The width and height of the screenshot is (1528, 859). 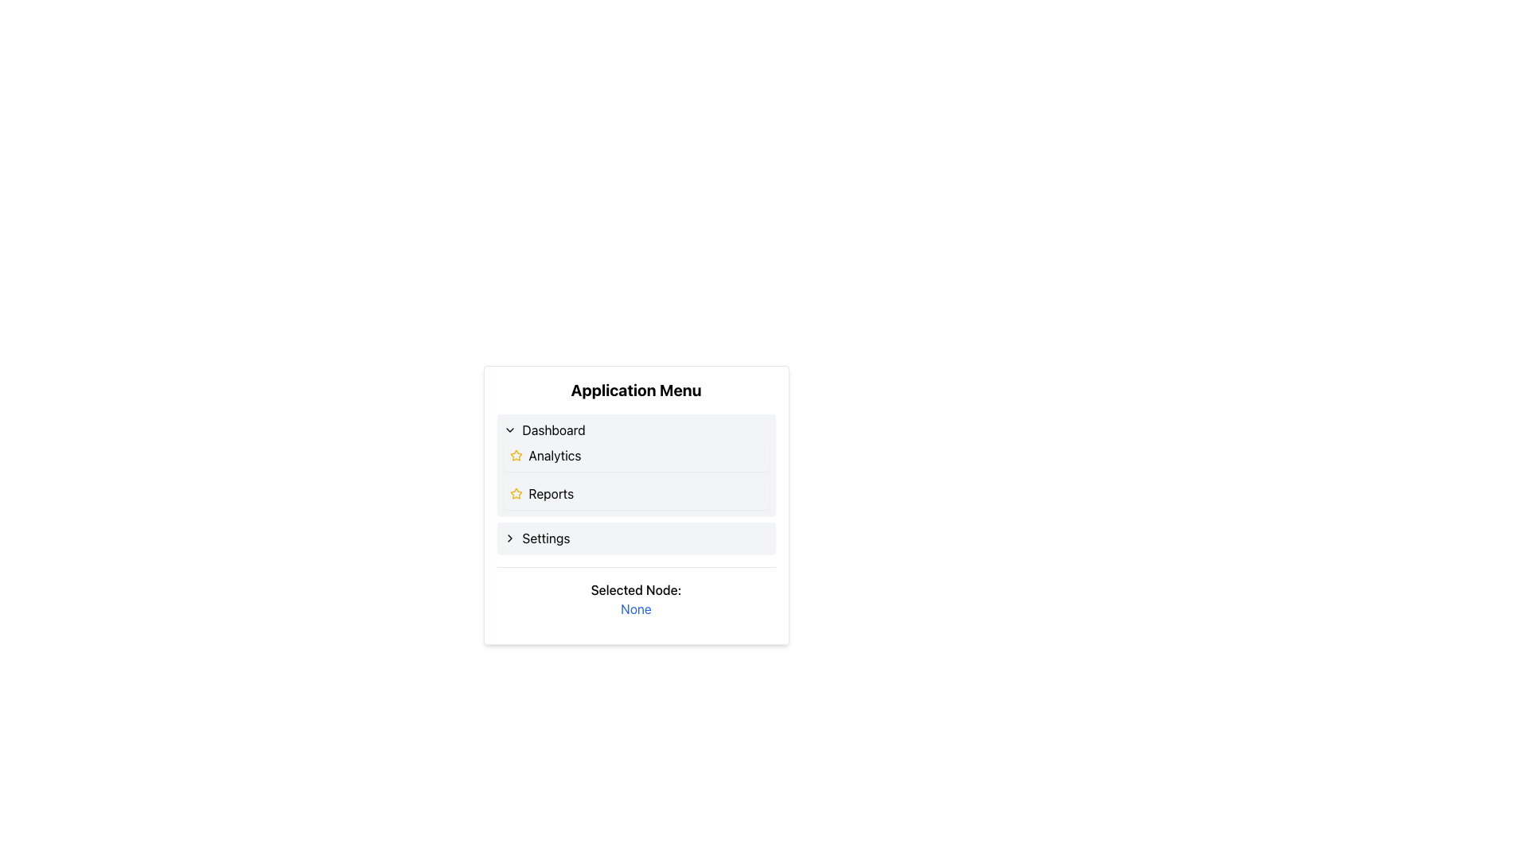 I want to click on the 'Settings' button located in the bottom section of the application menu to trigger a hover effect, so click(x=635, y=538).